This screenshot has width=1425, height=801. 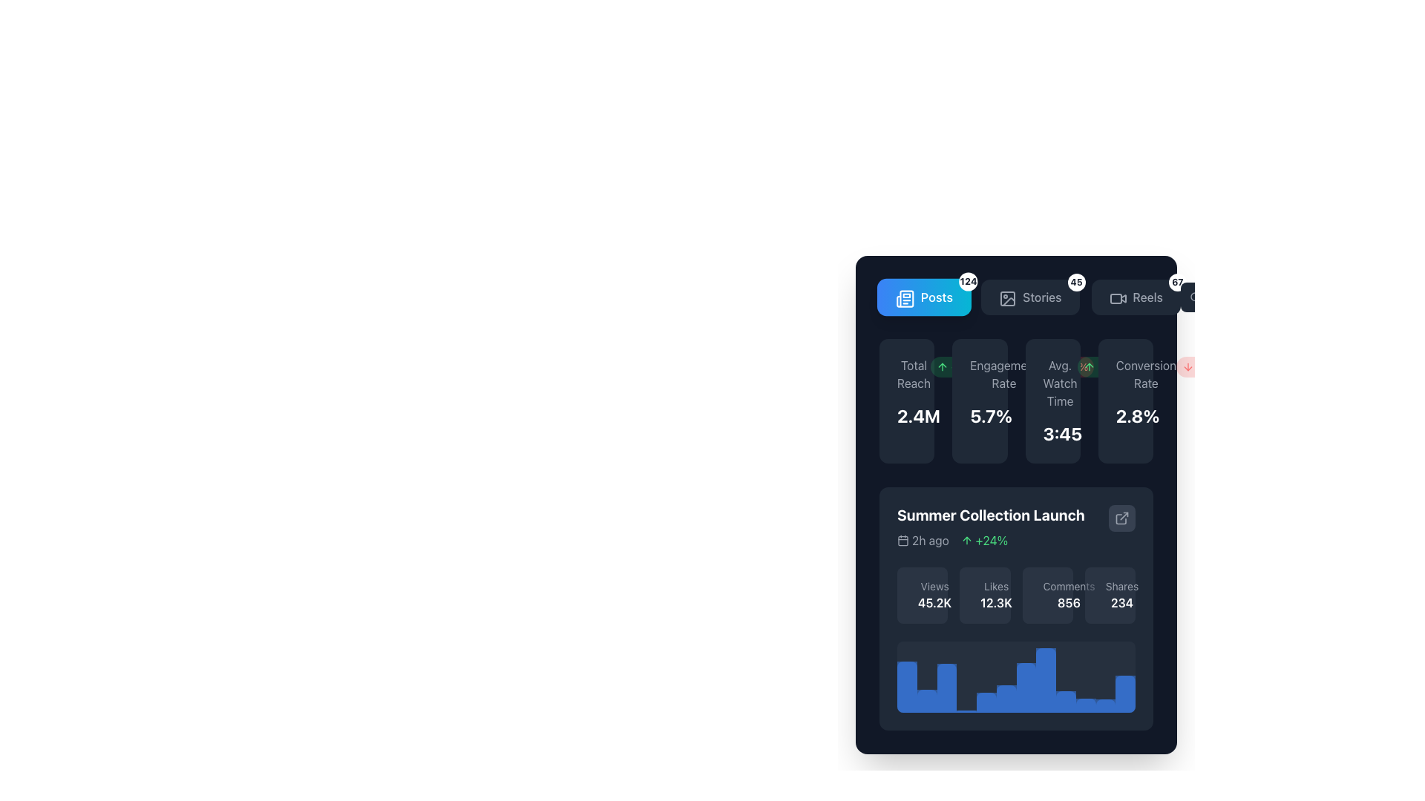 What do you see at coordinates (1122, 517) in the screenshot?
I see `the button located in the top-right corner of the 'Summer Collection Launch' section for accessibility purposes` at bounding box center [1122, 517].